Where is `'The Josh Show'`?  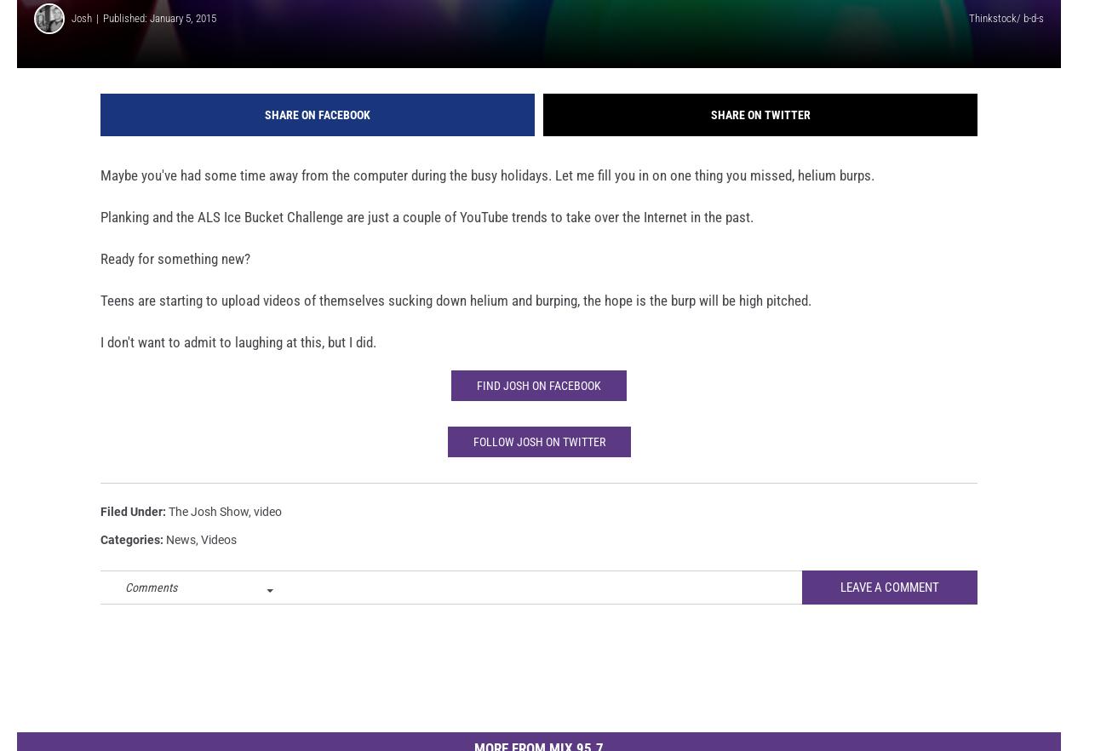 'The Josh Show' is located at coordinates (208, 533).